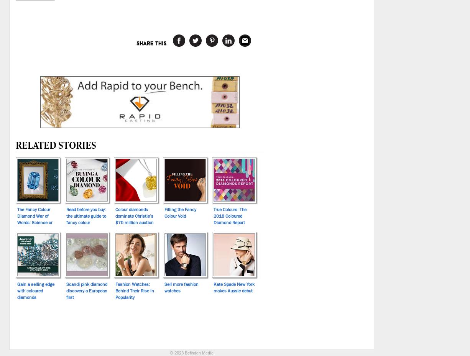 The height and width of the screenshot is (356, 470). Describe the element at coordinates (87, 290) in the screenshot. I see `'Scandi pink diamond discovery a European first'` at that location.